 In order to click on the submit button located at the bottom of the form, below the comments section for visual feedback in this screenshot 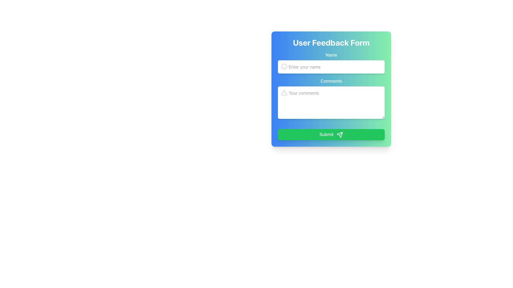, I will do `click(331, 132)`.